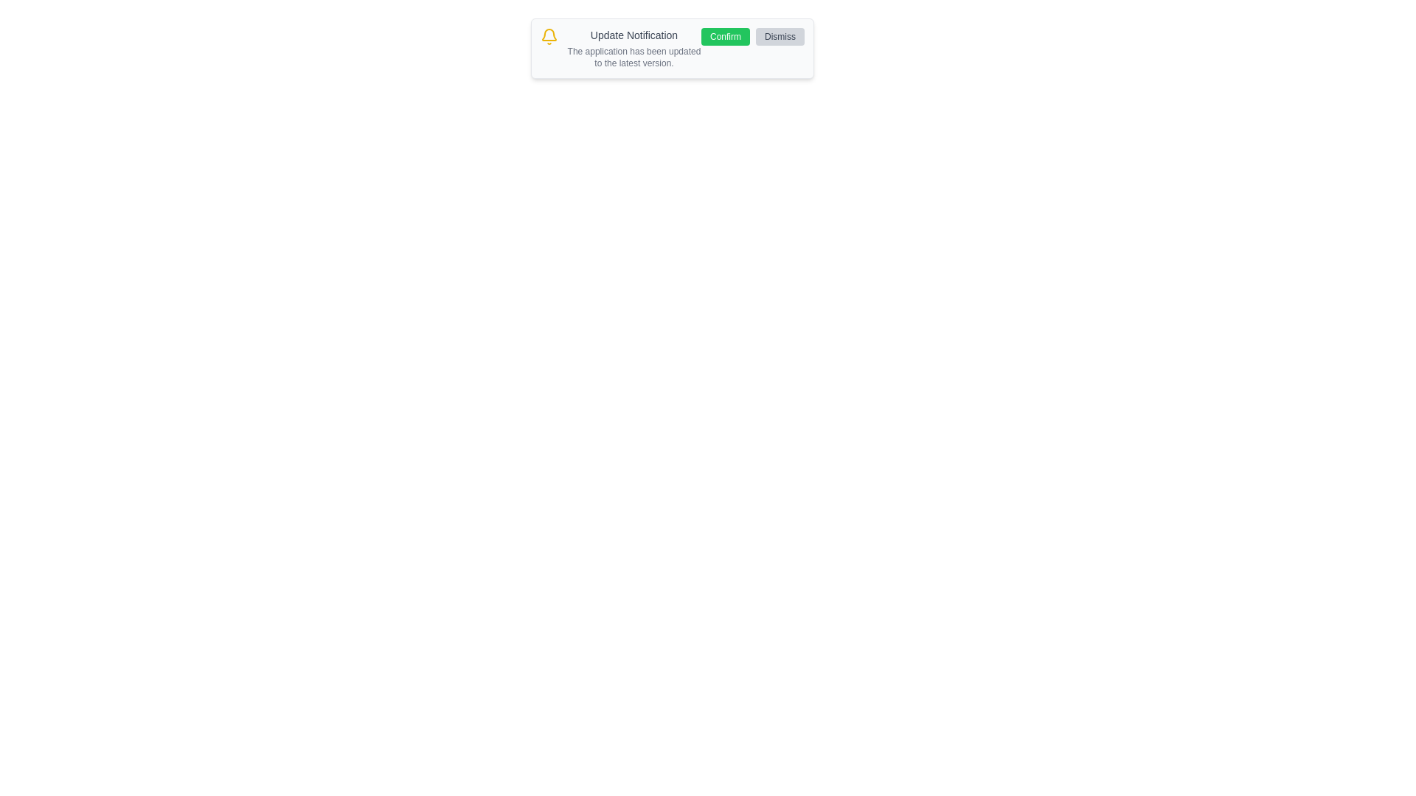  I want to click on the confirmation action button located at the top center of the interface, which is the leftmost of two buttons, to acknowledge or approve the action, so click(725, 36).